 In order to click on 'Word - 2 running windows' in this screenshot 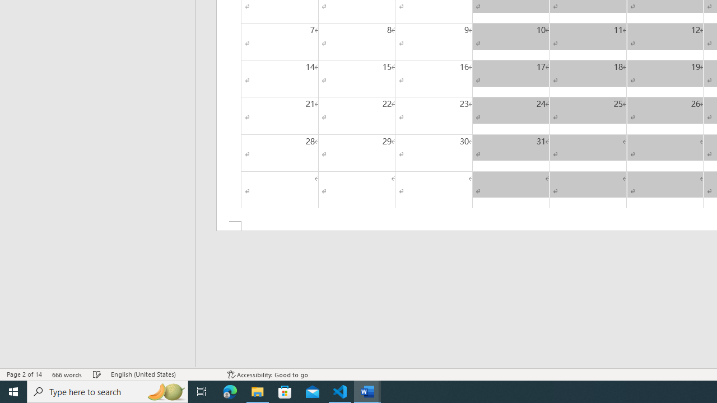, I will do `click(367, 391)`.